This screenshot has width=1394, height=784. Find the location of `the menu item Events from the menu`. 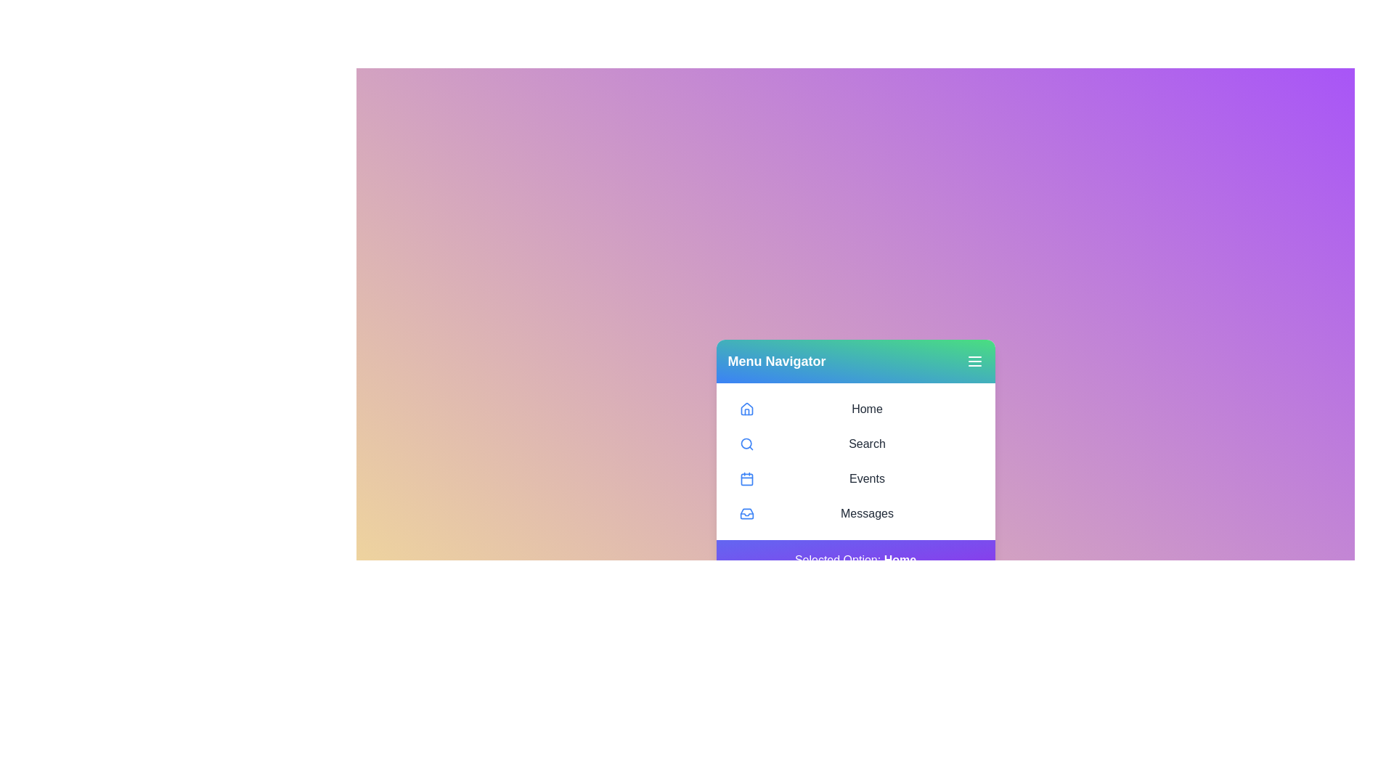

the menu item Events from the menu is located at coordinates (855, 478).